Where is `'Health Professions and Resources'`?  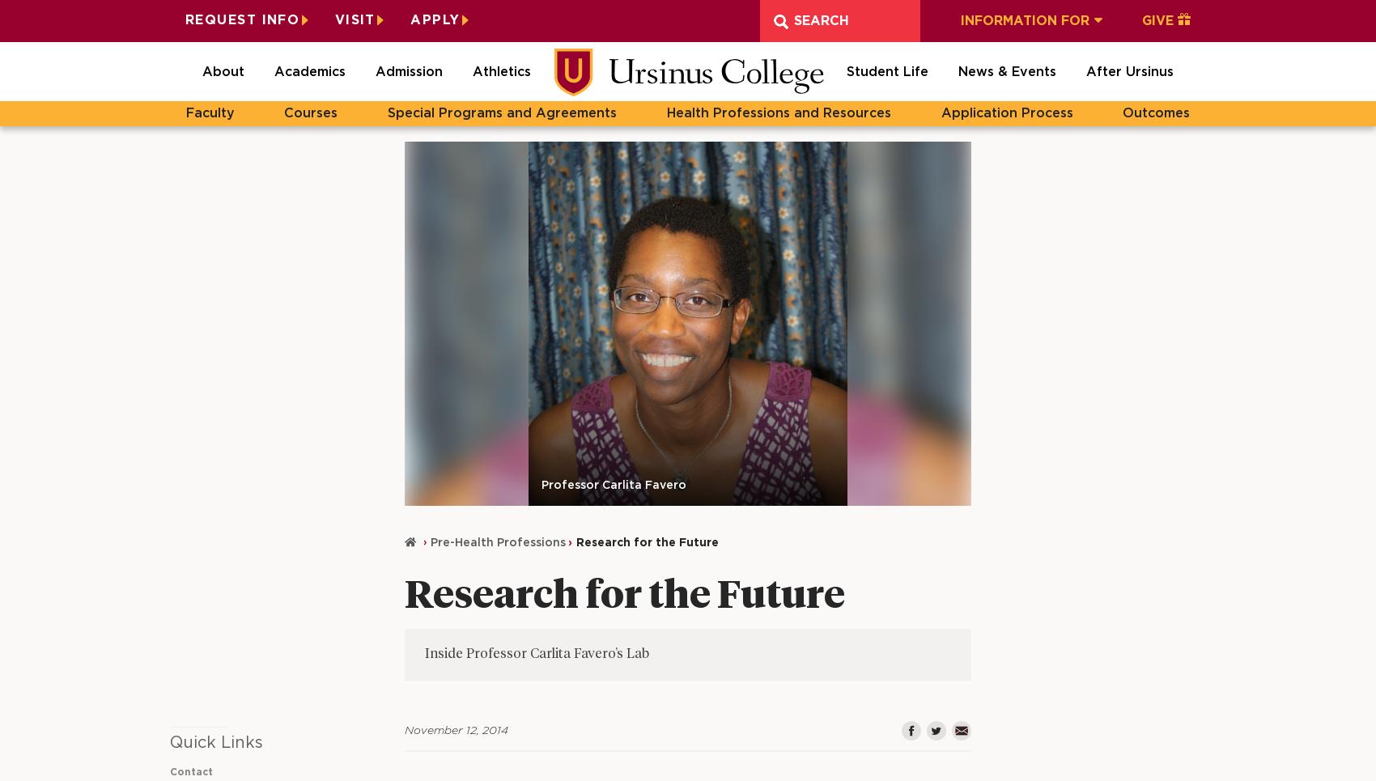
'Health Professions and Resources' is located at coordinates (777, 113).